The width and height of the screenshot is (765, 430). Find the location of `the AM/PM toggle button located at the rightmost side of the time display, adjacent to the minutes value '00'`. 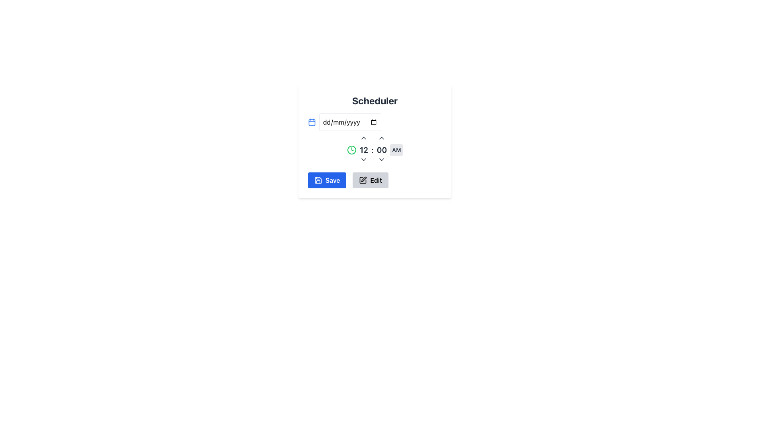

the AM/PM toggle button located at the rightmost side of the time display, adjacent to the minutes value '00' is located at coordinates (396, 150).